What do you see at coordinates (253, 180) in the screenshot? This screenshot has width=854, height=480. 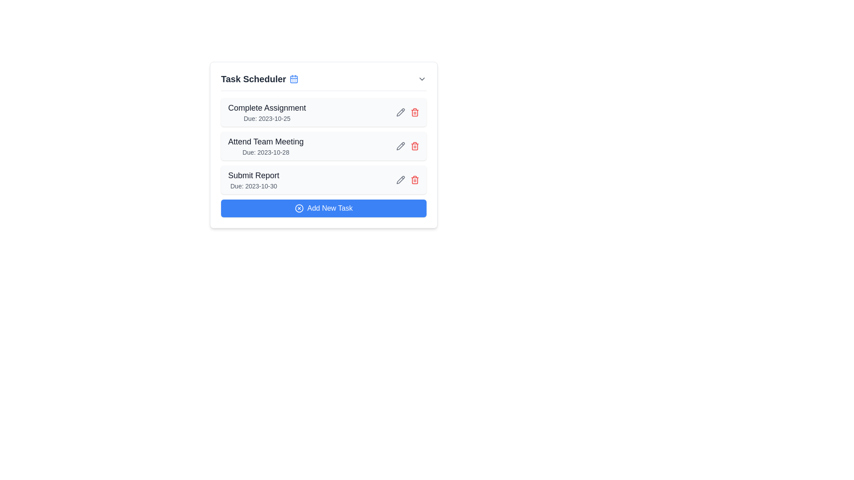 I see `the non-interactive text display that informs the user about the task 'Submit Report' with the due date '2023-10-30'` at bounding box center [253, 180].